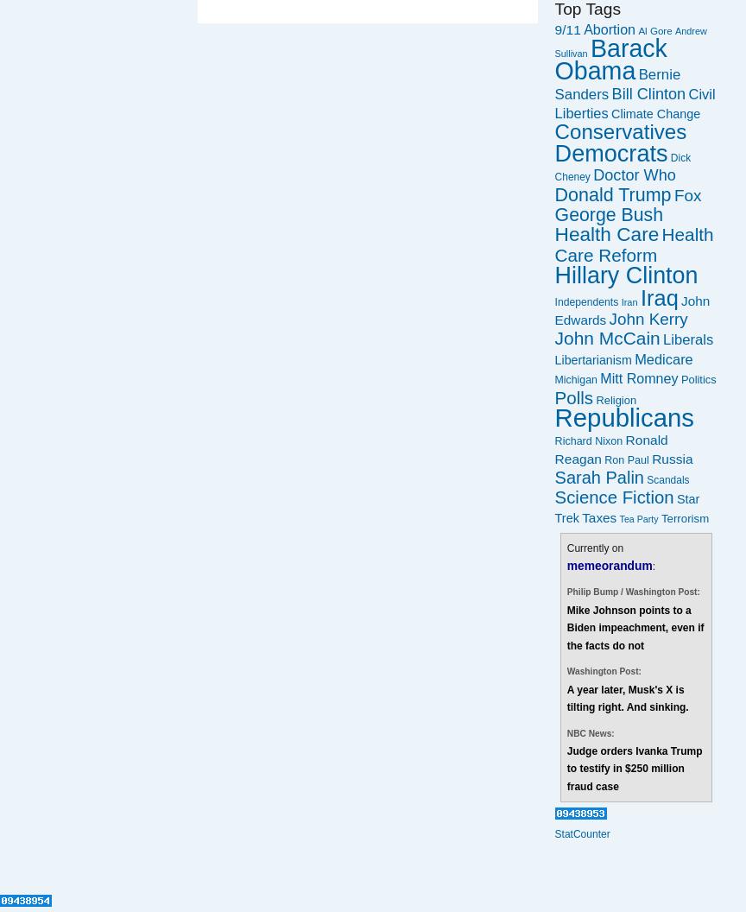 This screenshot has height=912, width=746. Describe the element at coordinates (662, 339) in the screenshot. I see `'Liberals'` at that location.